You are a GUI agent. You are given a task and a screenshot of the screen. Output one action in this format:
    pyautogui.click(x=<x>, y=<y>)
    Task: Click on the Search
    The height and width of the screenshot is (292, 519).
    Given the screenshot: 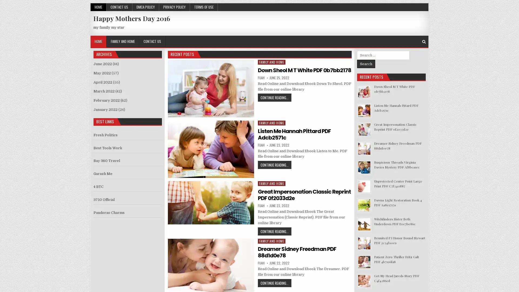 What is the action you would take?
    pyautogui.click(x=366, y=64)
    